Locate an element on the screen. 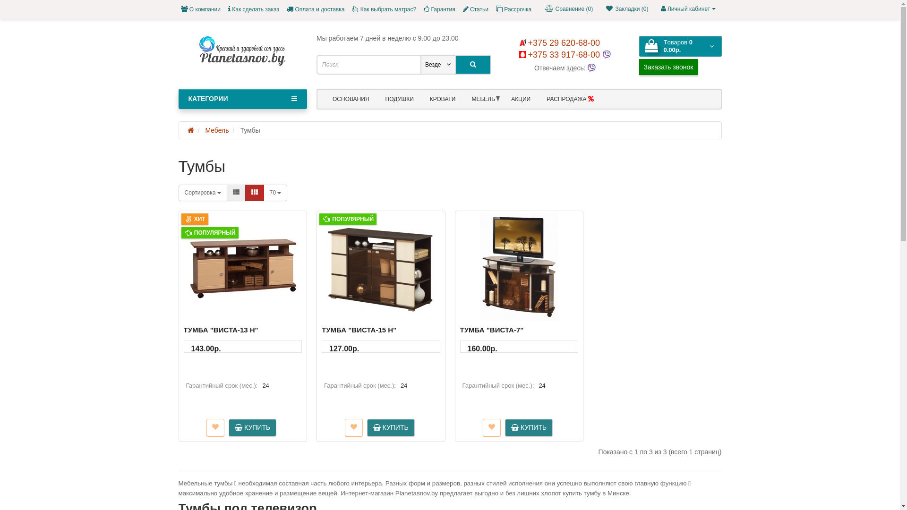 The image size is (907, 510). '+375 29 620-68-00' is located at coordinates (559, 43).